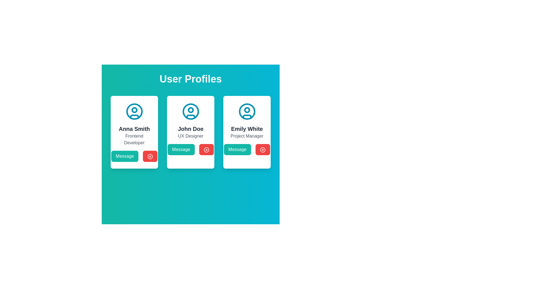 The width and height of the screenshot is (538, 302). What do you see at coordinates (191, 136) in the screenshot?
I see `the Text Label displaying the job title for the user profile, which is located in the second card from the left, directly below 'John Doe' and above the 'Message' button` at bounding box center [191, 136].